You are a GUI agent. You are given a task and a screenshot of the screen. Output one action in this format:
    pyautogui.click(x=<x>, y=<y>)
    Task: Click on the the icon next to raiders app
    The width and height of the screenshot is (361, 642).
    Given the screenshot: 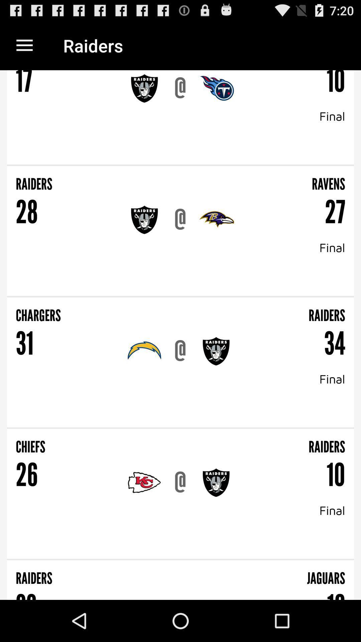 What is the action you would take?
    pyautogui.click(x=24, y=45)
    